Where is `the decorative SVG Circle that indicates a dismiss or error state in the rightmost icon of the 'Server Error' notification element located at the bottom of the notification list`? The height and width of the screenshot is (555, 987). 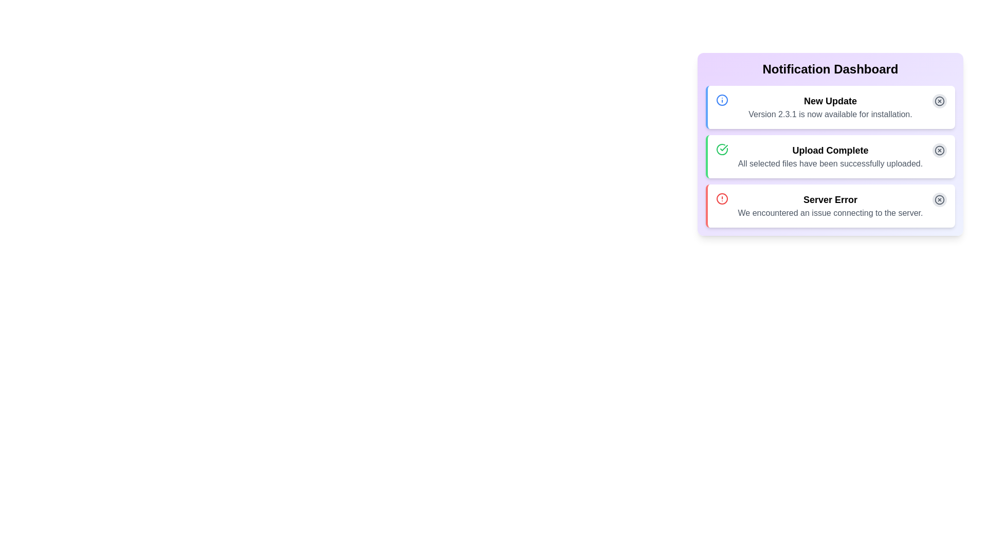
the decorative SVG Circle that indicates a dismiss or error state in the rightmost icon of the 'Server Error' notification element located at the bottom of the notification list is located at coordinates (940, 200).